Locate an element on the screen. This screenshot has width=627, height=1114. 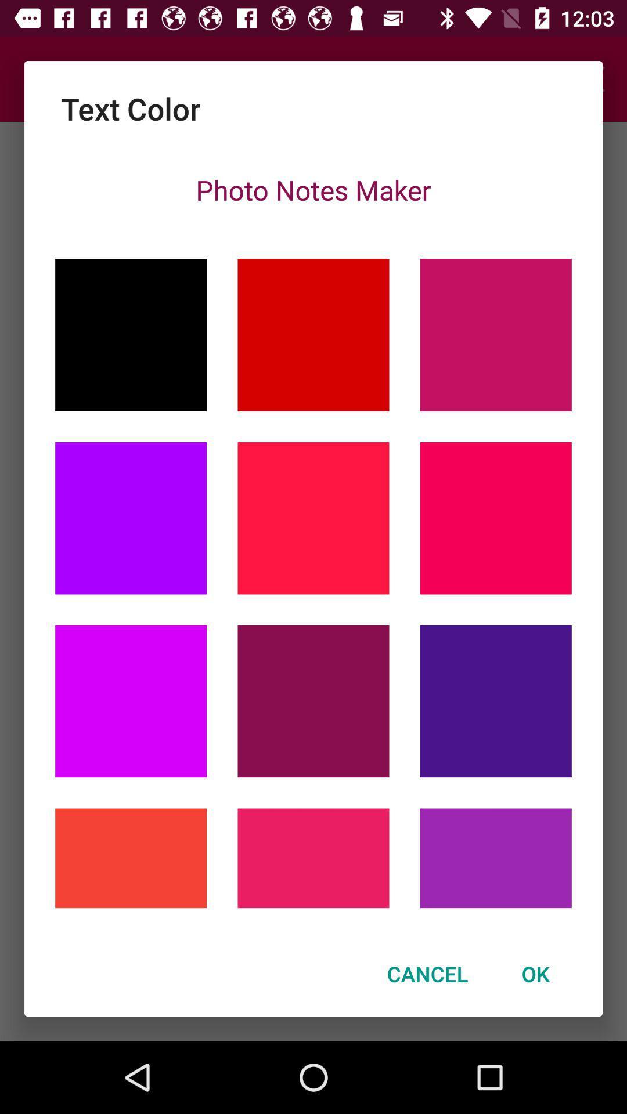
the ok item is located at coordinates (535, 974).